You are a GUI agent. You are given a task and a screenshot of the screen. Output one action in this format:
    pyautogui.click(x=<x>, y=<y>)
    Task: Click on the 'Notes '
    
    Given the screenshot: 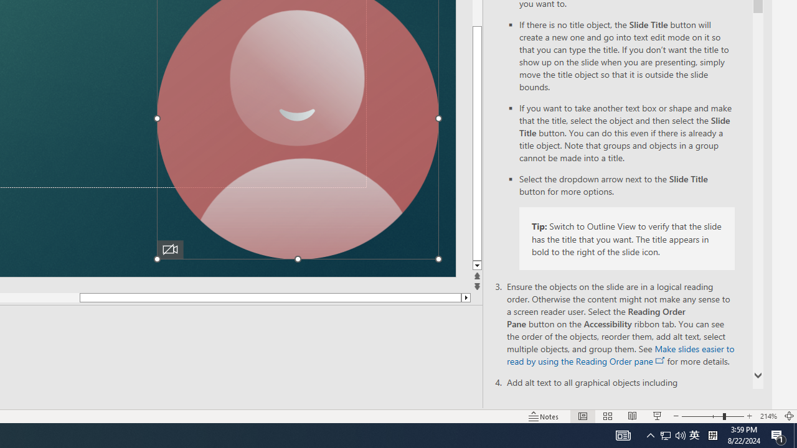 What is the action you would take?
    pyautogui.click(x=544, y=416)
    